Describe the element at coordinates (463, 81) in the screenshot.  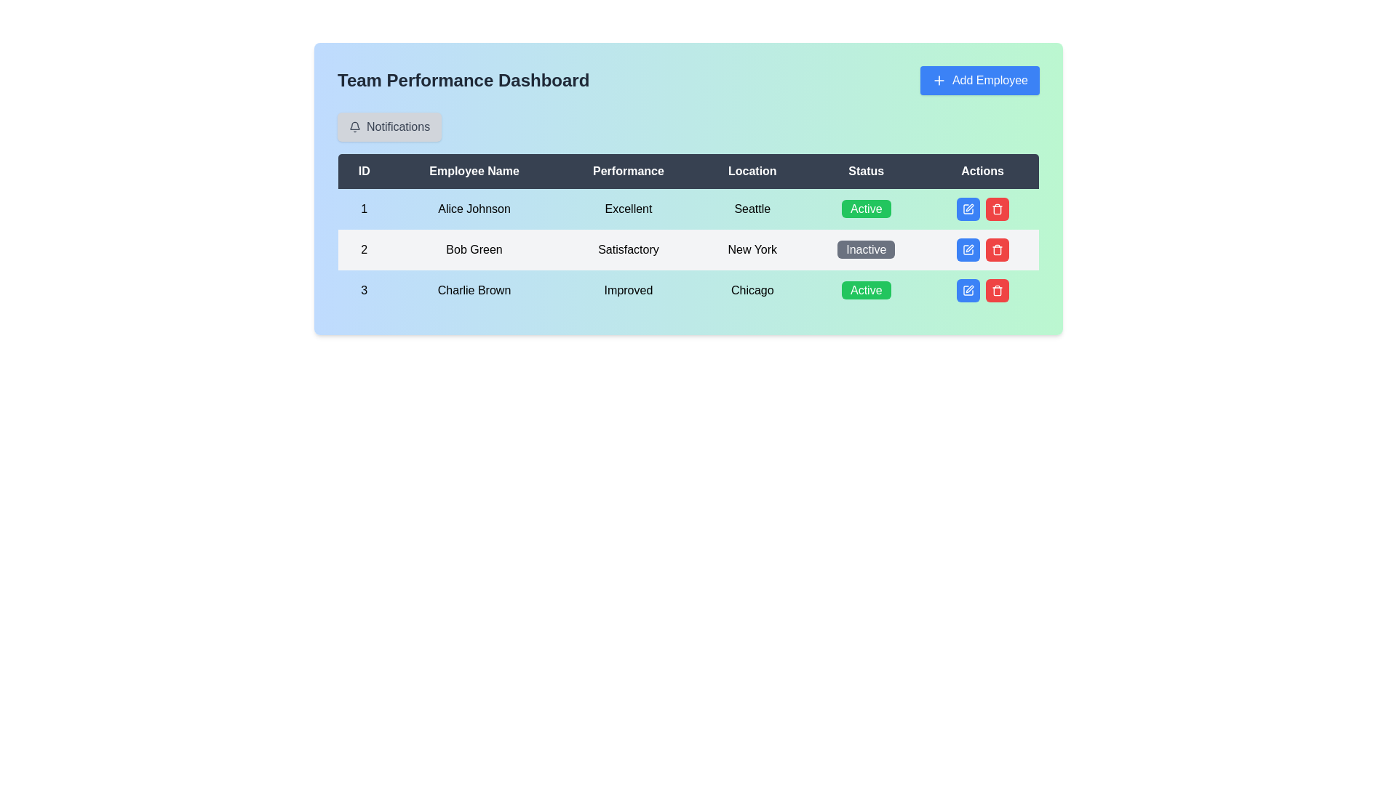
I see `the title or heading element that communicates the context of the team performance data, located at the top of the interface` at that location.